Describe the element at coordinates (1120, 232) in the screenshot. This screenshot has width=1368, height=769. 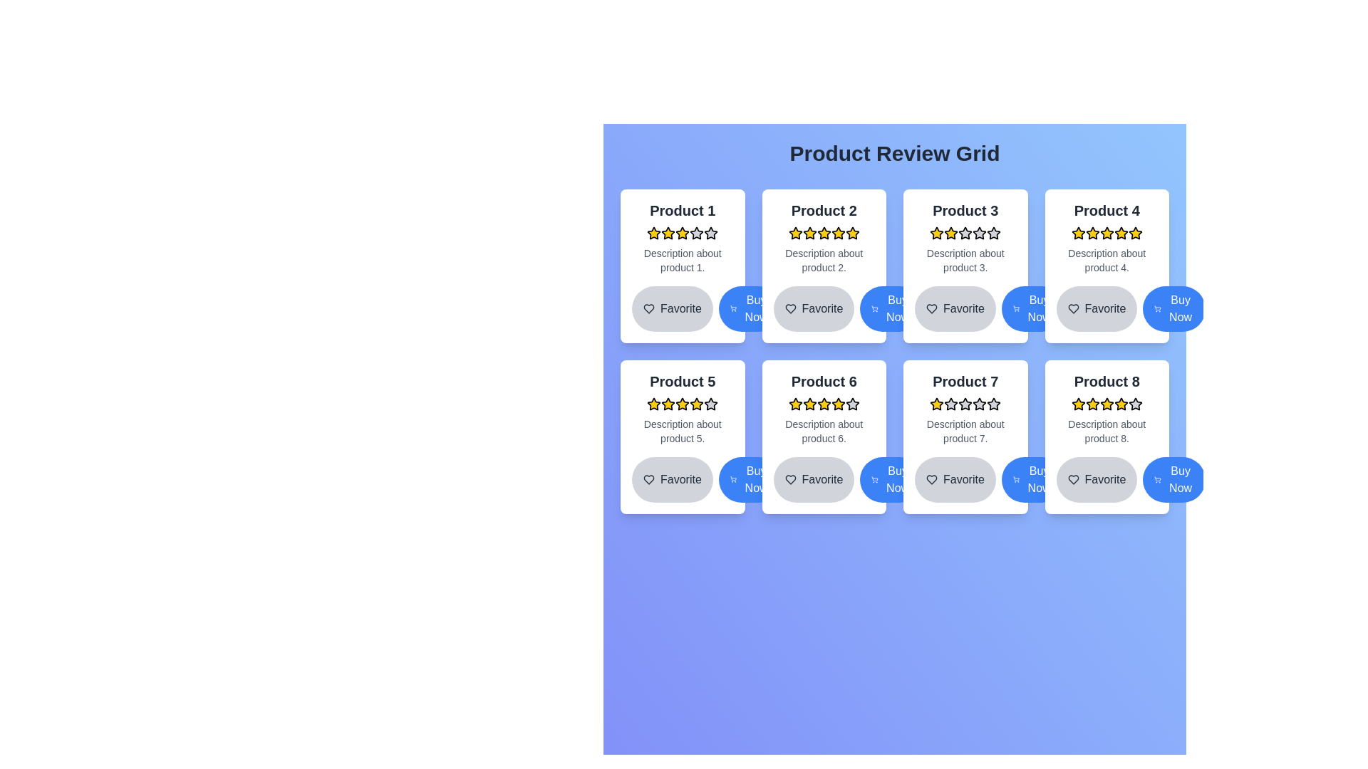
I see `the fourth star icon in the five-star rating system for 'Product 4'` at that location.